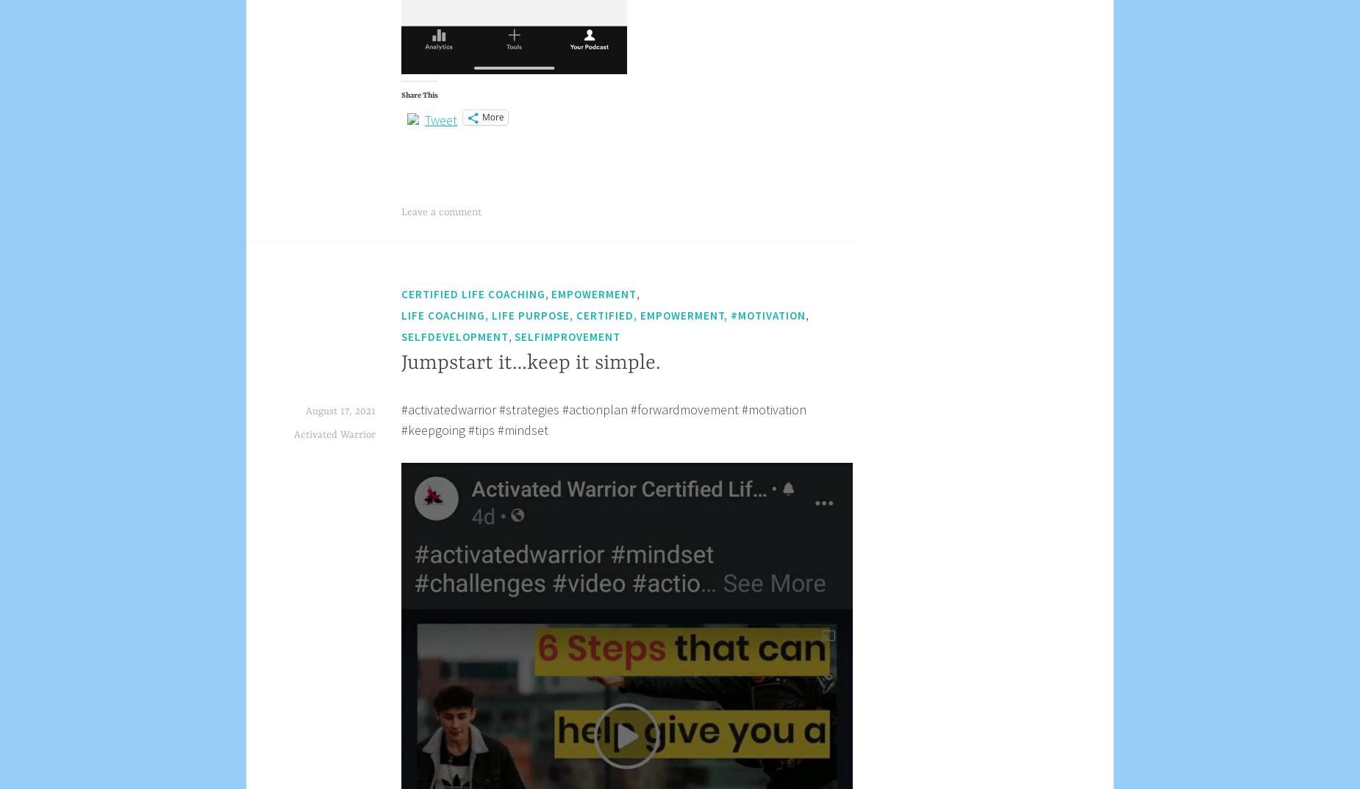  I want to click on 'Tweet', so click(440, 119).